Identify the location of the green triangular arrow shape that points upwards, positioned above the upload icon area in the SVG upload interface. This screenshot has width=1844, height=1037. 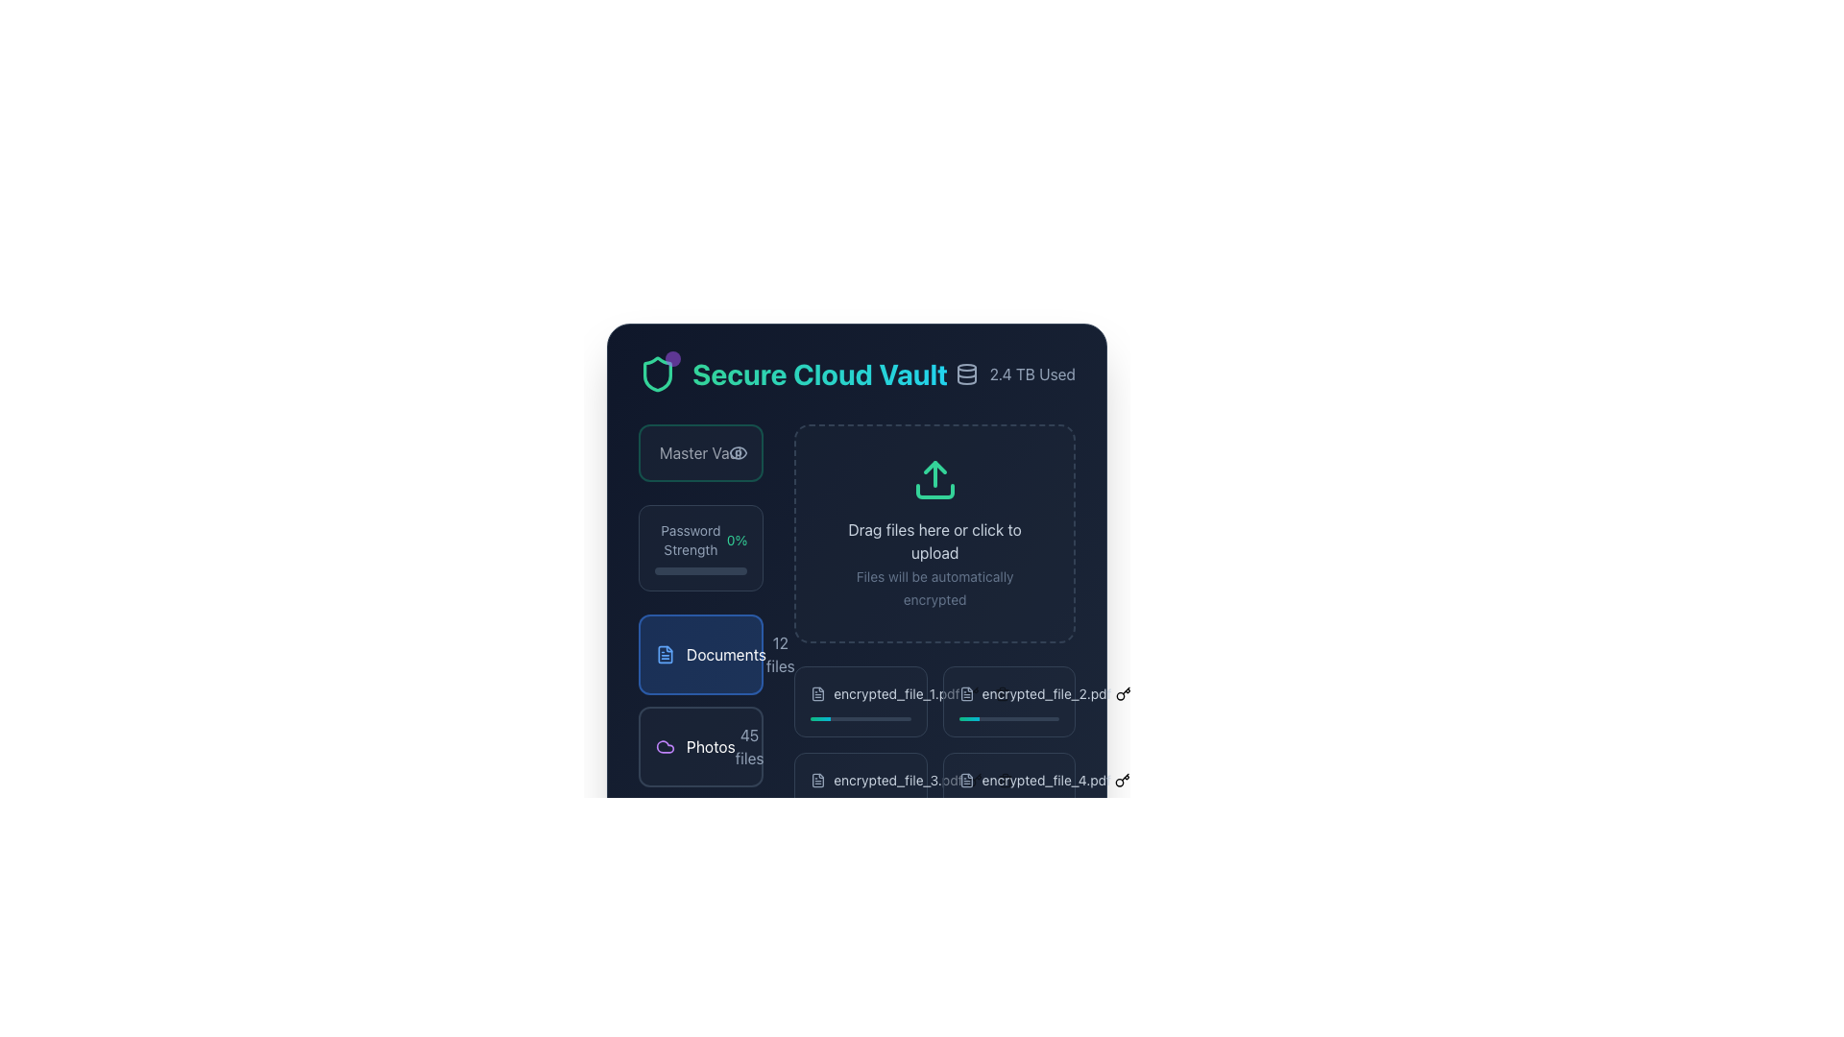
(934, 467).